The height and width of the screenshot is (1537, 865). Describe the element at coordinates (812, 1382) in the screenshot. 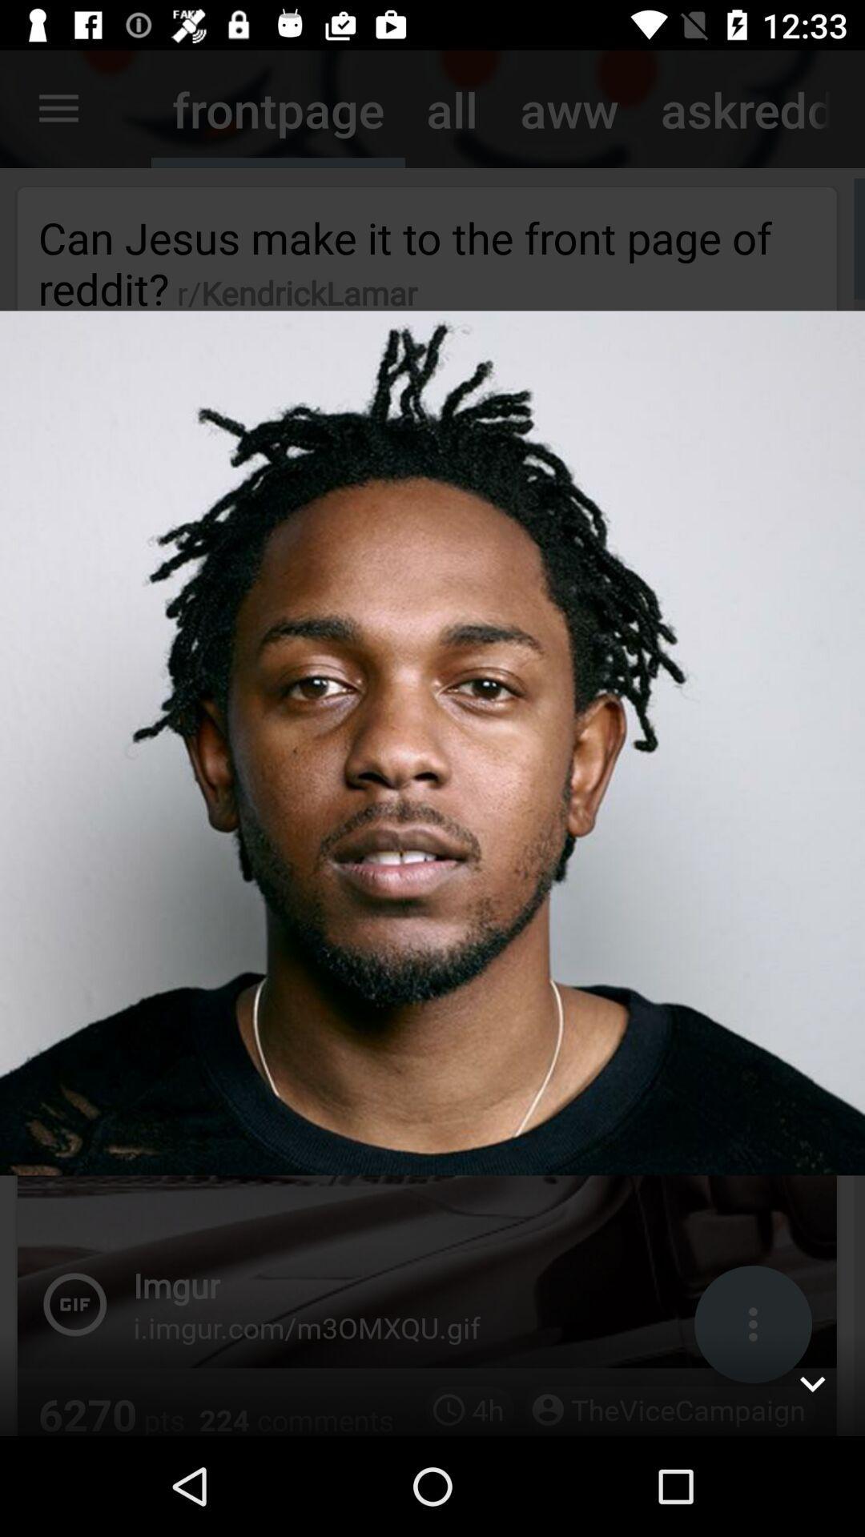

I see `the expand_more icon` at that location.